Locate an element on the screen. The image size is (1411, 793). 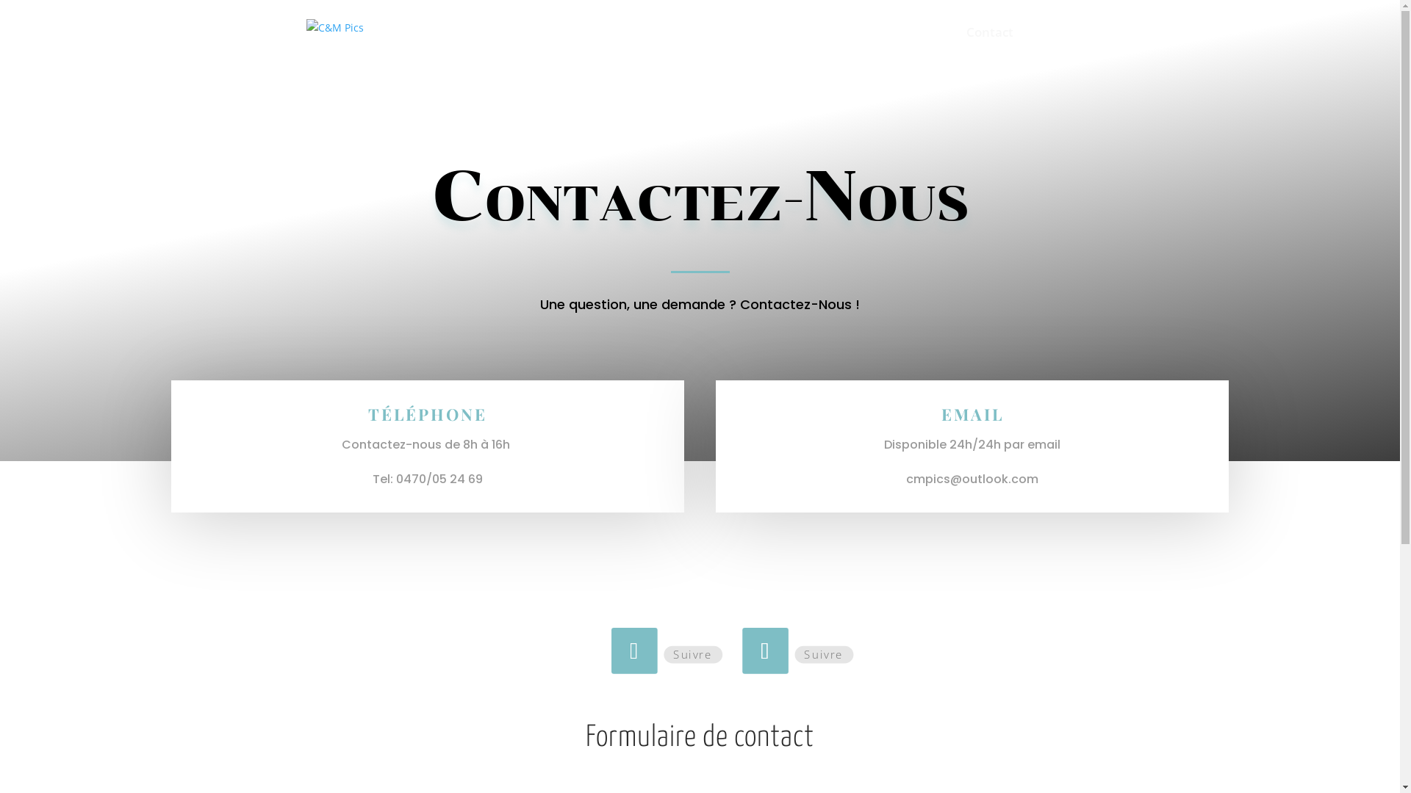
'Connexion' is located at coordinates (1064, 45).